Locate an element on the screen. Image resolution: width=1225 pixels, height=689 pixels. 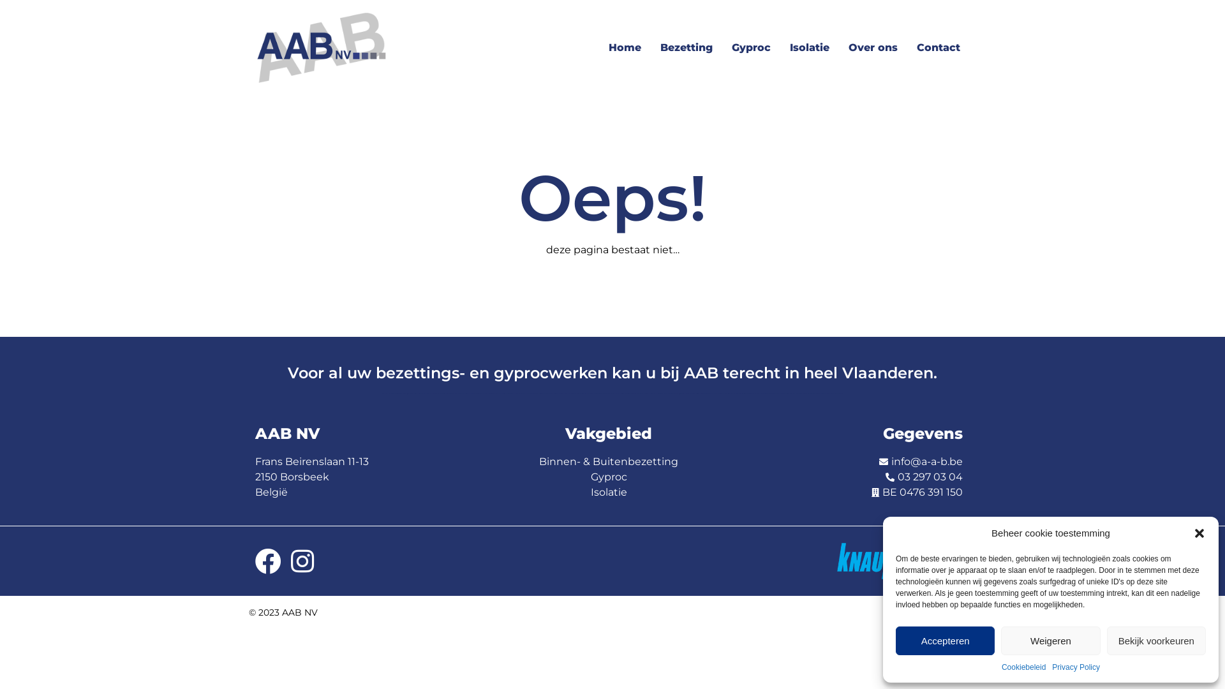
'Binnen- & Buitenbezetting' is located at coordinates (608, 461).